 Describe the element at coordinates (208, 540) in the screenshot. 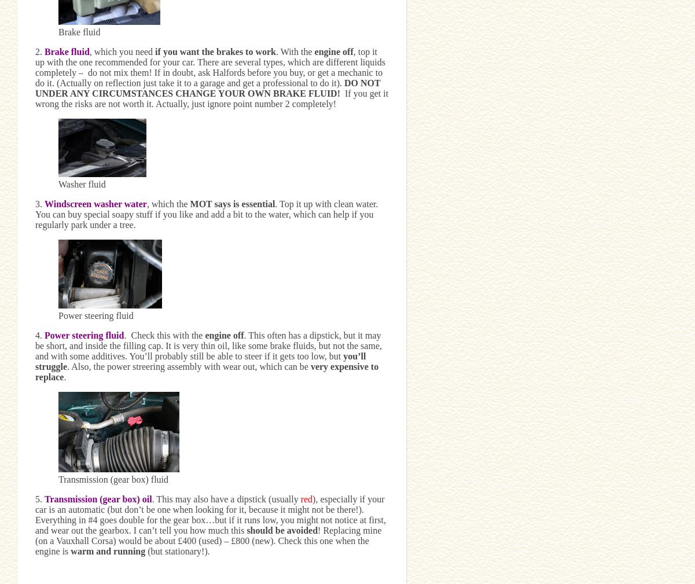

I see `'! Replacing mine (on a Vauxhall Corsa) would be about £400 (used) – £800 (new). Check this one when the engine is'` at that location.